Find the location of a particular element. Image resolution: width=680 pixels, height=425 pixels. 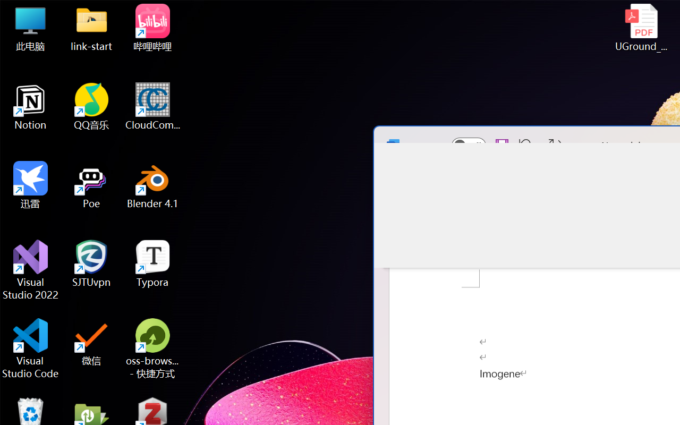

'Visual Studio Code' is located at coordinates (30, 348).